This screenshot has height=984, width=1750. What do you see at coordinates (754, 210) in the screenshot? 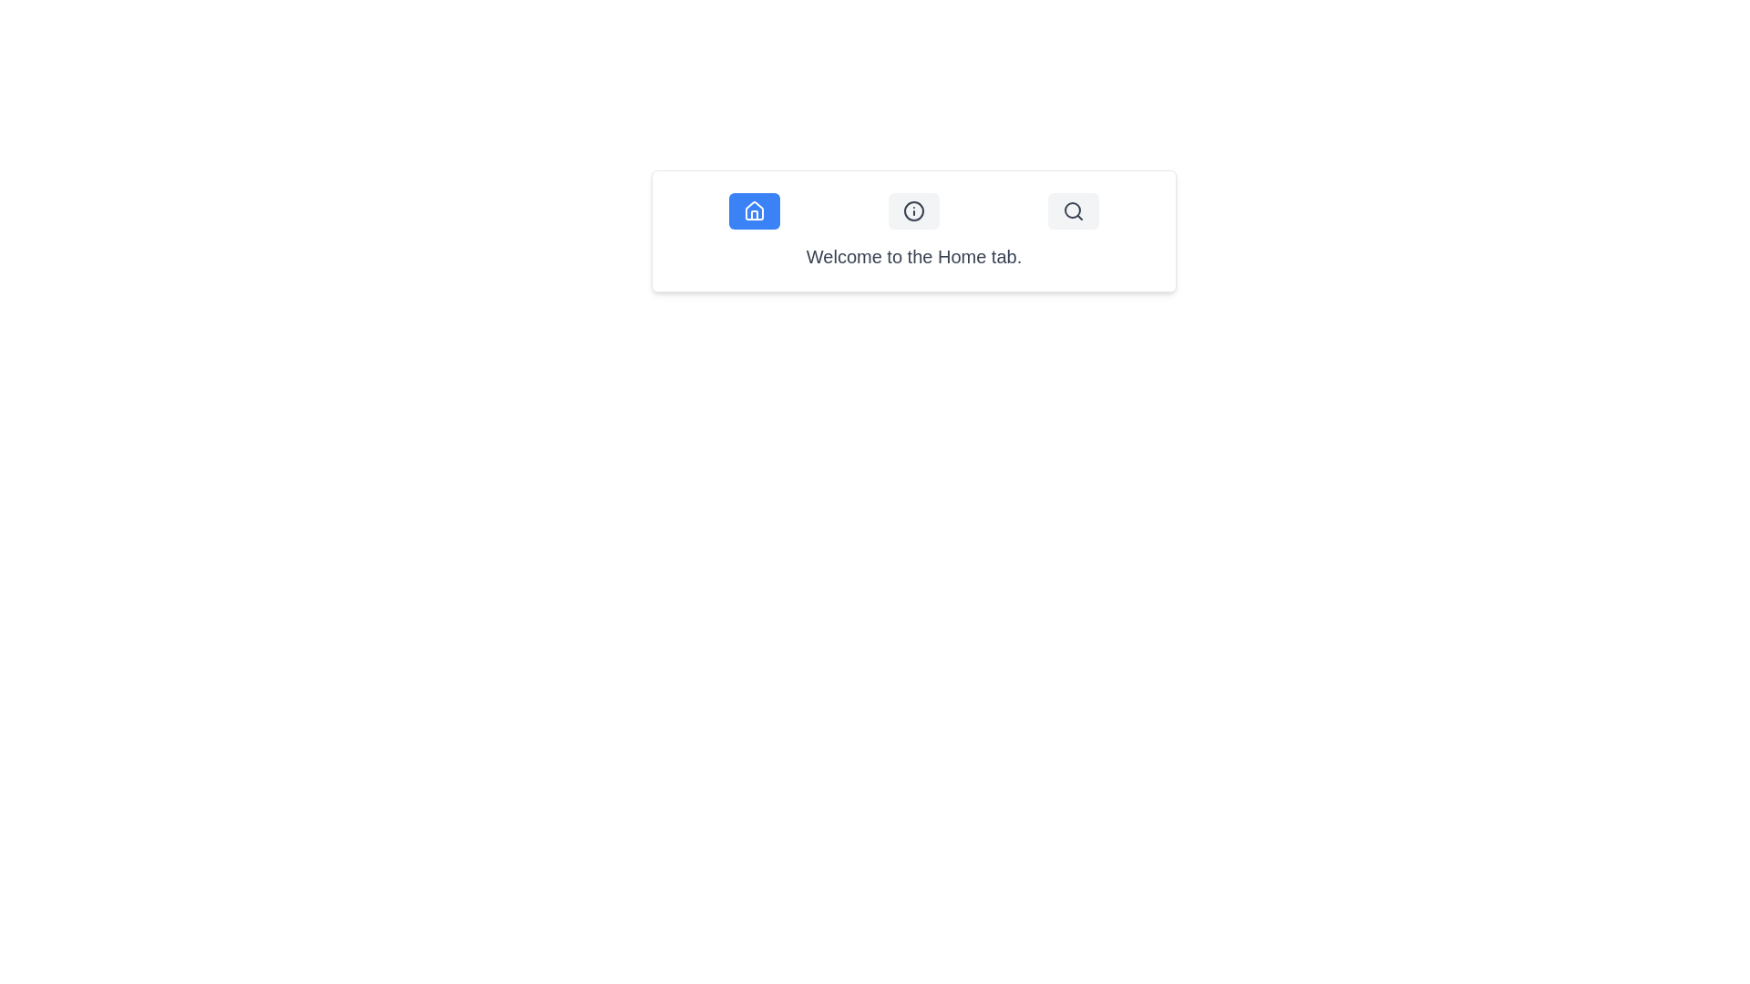
I see `the 'Home' icon, which is the first icon in a horizontally aligned set of three icons on the left side of the layout, near the 'Welcome to the Home tab' text label` at bounding box center [754, 210].